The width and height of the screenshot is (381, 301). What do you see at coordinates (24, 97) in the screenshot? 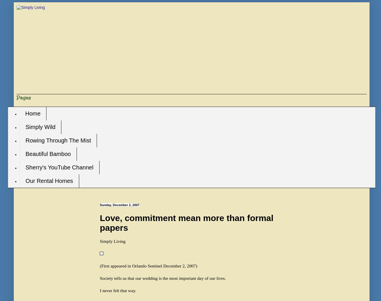
I see `'Pages'` at bounding box center [24, 97].